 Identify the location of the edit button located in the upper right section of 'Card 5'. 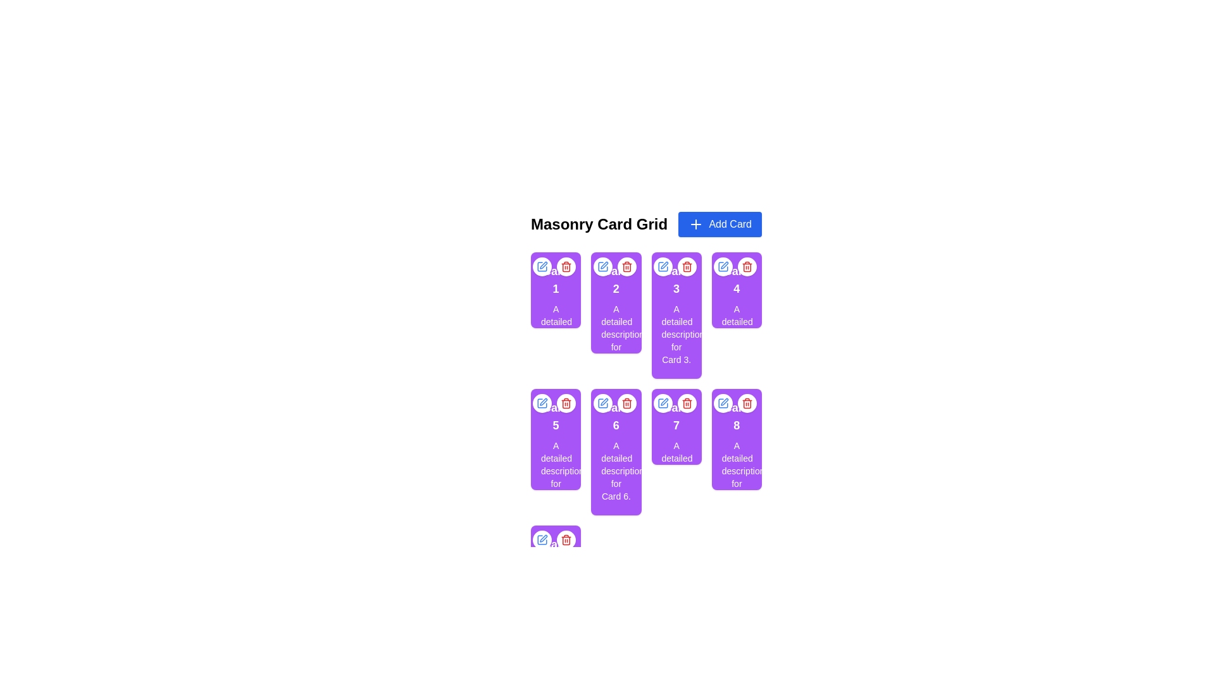
(554, 403).